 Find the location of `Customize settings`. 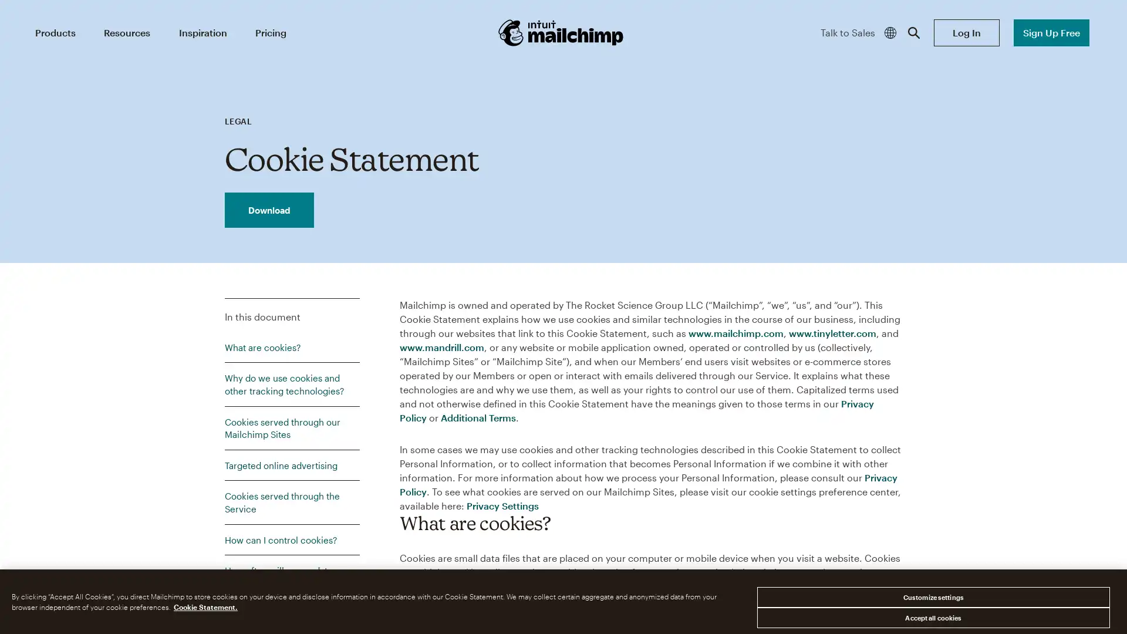

Customize settings is located at coordinates (932, 597).